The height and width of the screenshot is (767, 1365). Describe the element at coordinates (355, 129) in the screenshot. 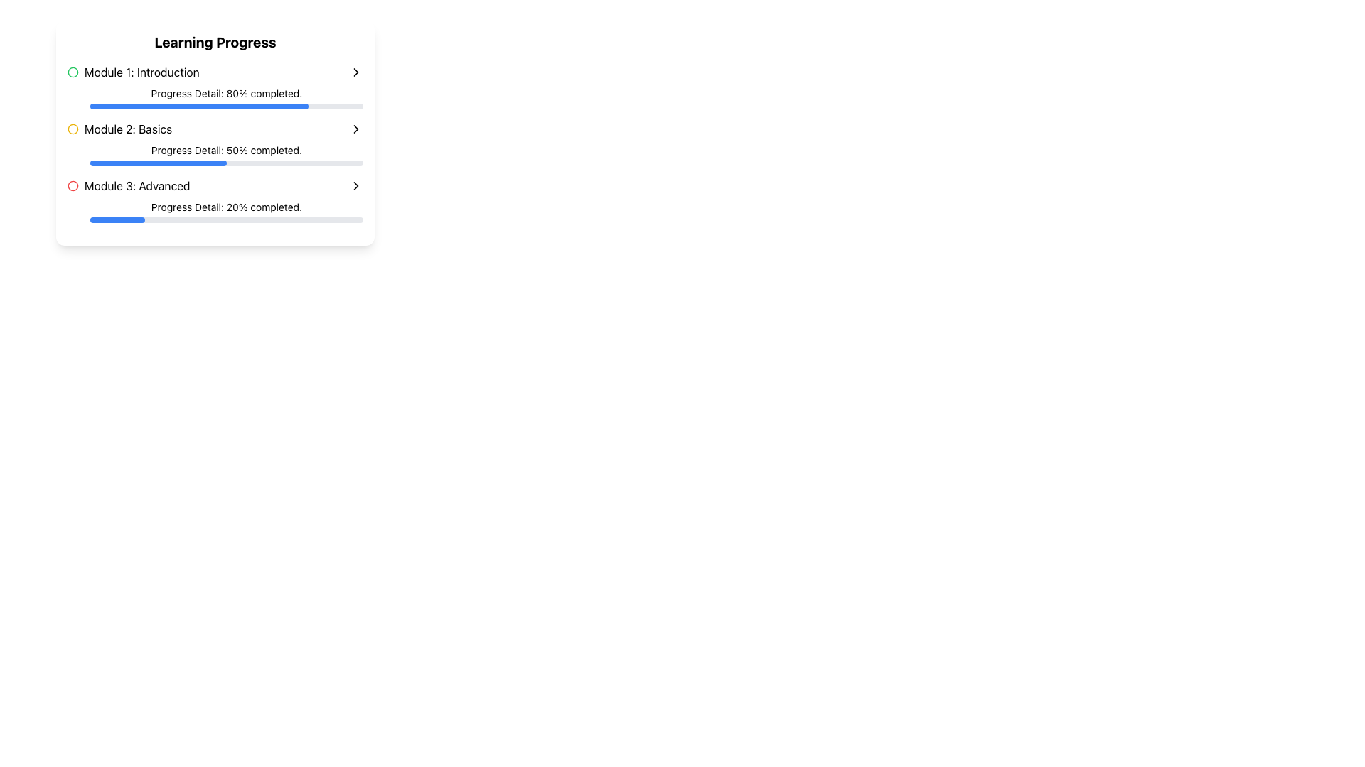

I see `the rightward arrow icon styled with thin black lines, located at the far right of the row labeled 'Module 2: Basics'` at that location.